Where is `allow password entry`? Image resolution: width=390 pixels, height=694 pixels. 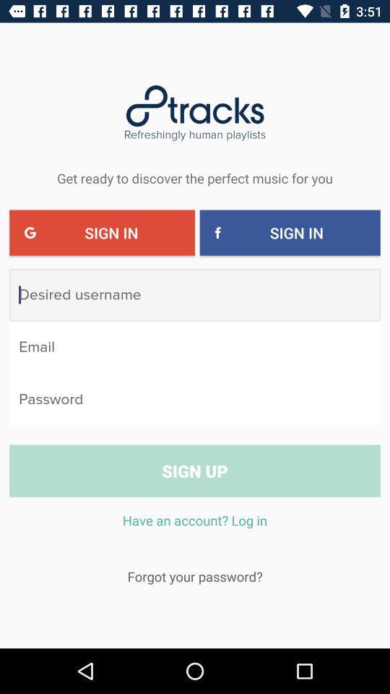 allow password entry is located at coordinates (195, 399).